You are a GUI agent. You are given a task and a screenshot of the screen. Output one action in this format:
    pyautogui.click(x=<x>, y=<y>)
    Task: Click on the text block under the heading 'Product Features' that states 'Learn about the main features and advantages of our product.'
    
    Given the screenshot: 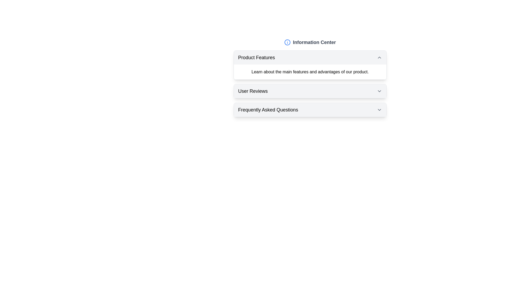 What is the action you would take?
    pyautogui.click(x=310, y=78)
    